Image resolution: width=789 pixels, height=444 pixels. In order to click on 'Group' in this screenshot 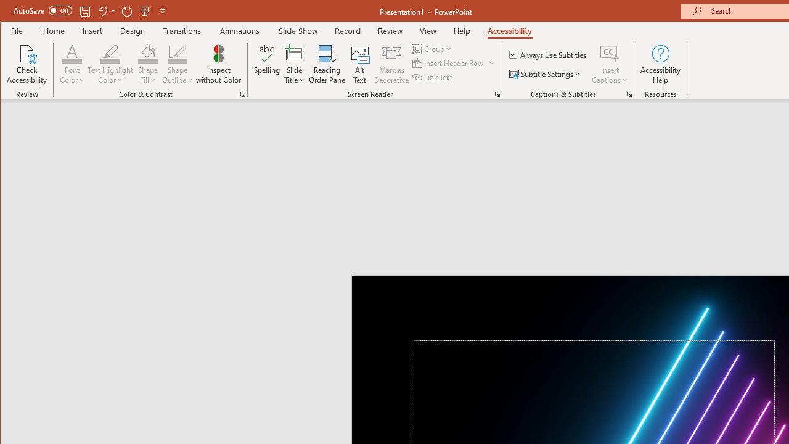, I will do `click(433, 48)`.